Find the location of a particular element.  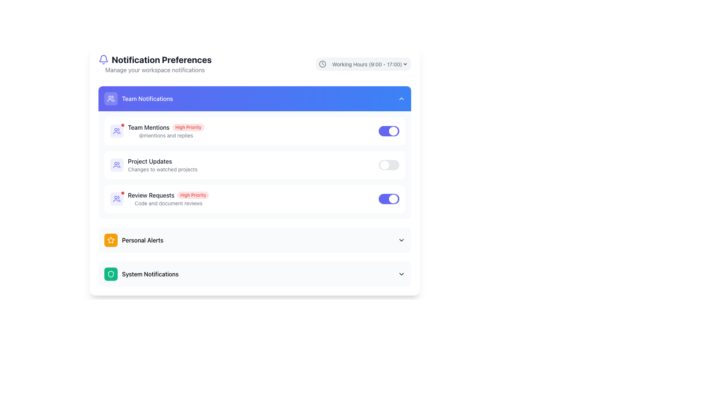

the Chevron icon used for toggling the expansion and collapse of the Team Notifications section is located at coordinates (401, 98).